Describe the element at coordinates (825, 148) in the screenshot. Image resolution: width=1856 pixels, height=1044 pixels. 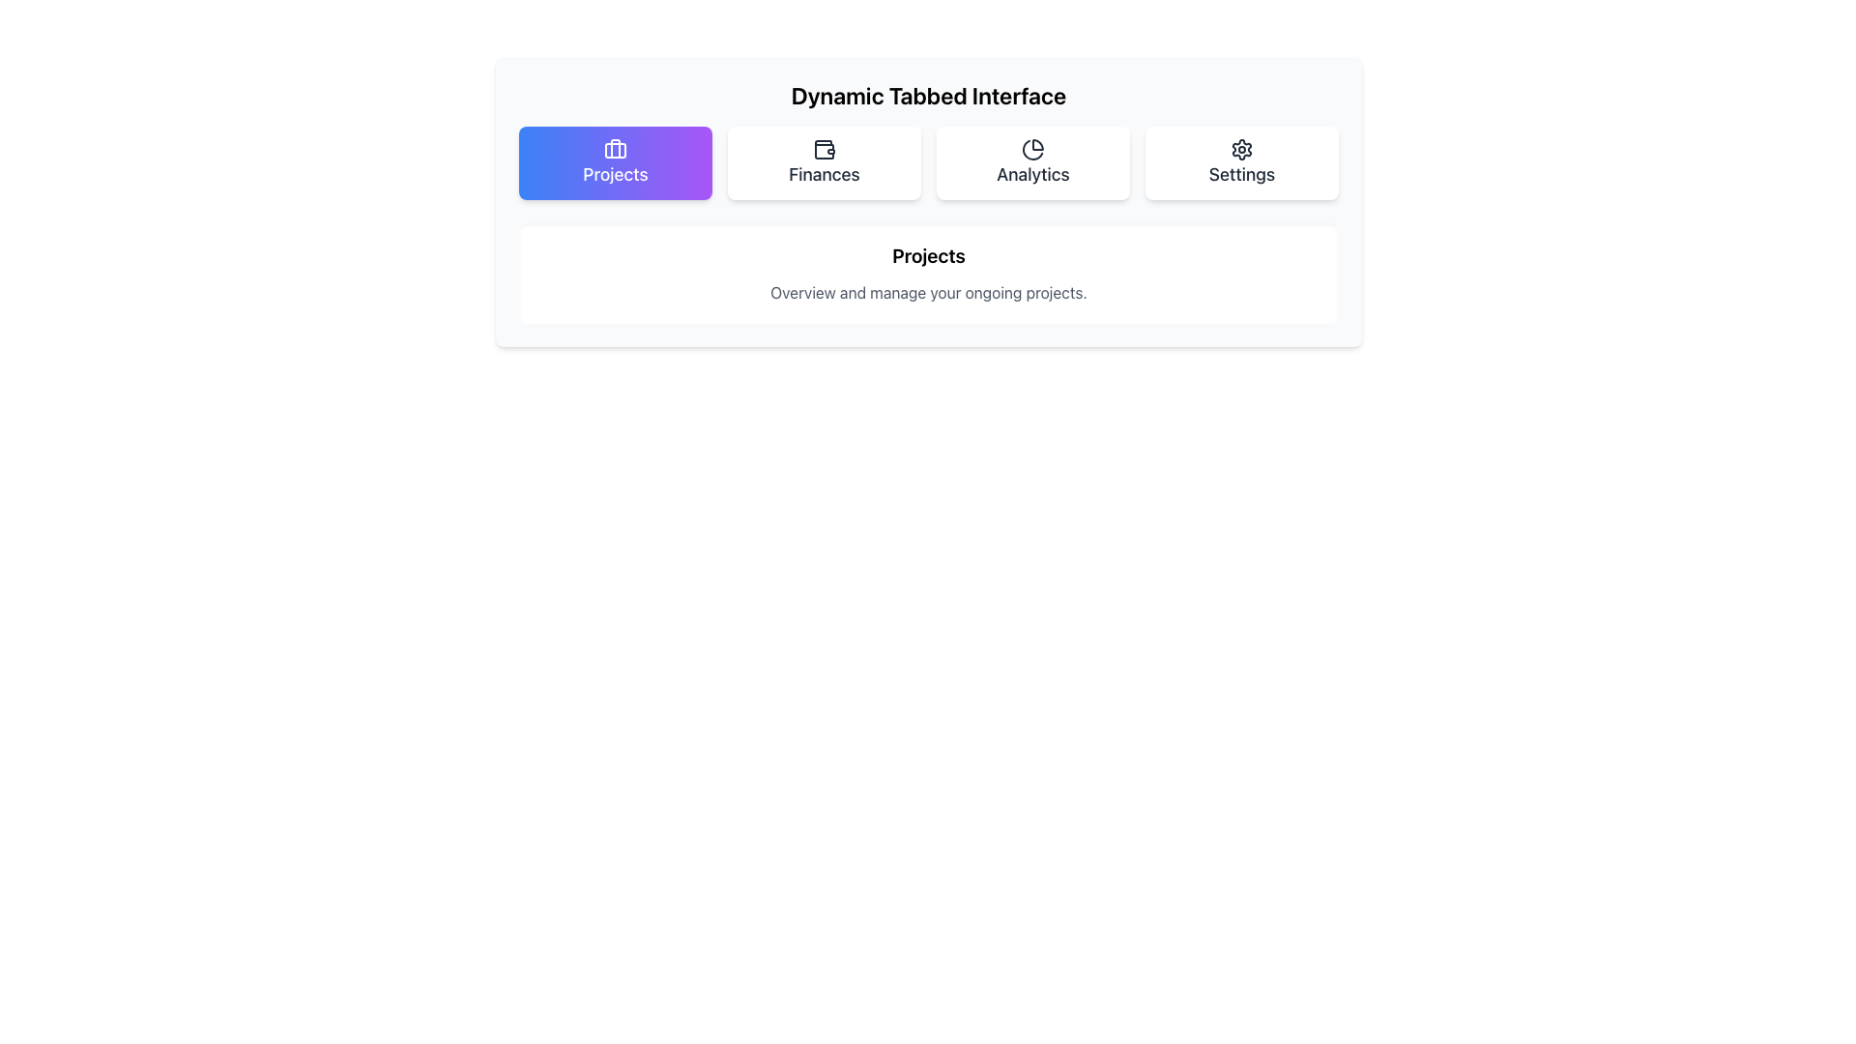
I see `the Finances icon located above the text 'Finances'` at that location.